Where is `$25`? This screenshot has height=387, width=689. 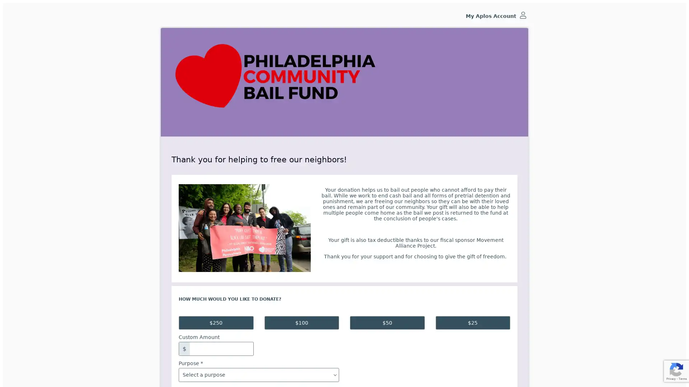
$25 is located at coordinates (473, 323).